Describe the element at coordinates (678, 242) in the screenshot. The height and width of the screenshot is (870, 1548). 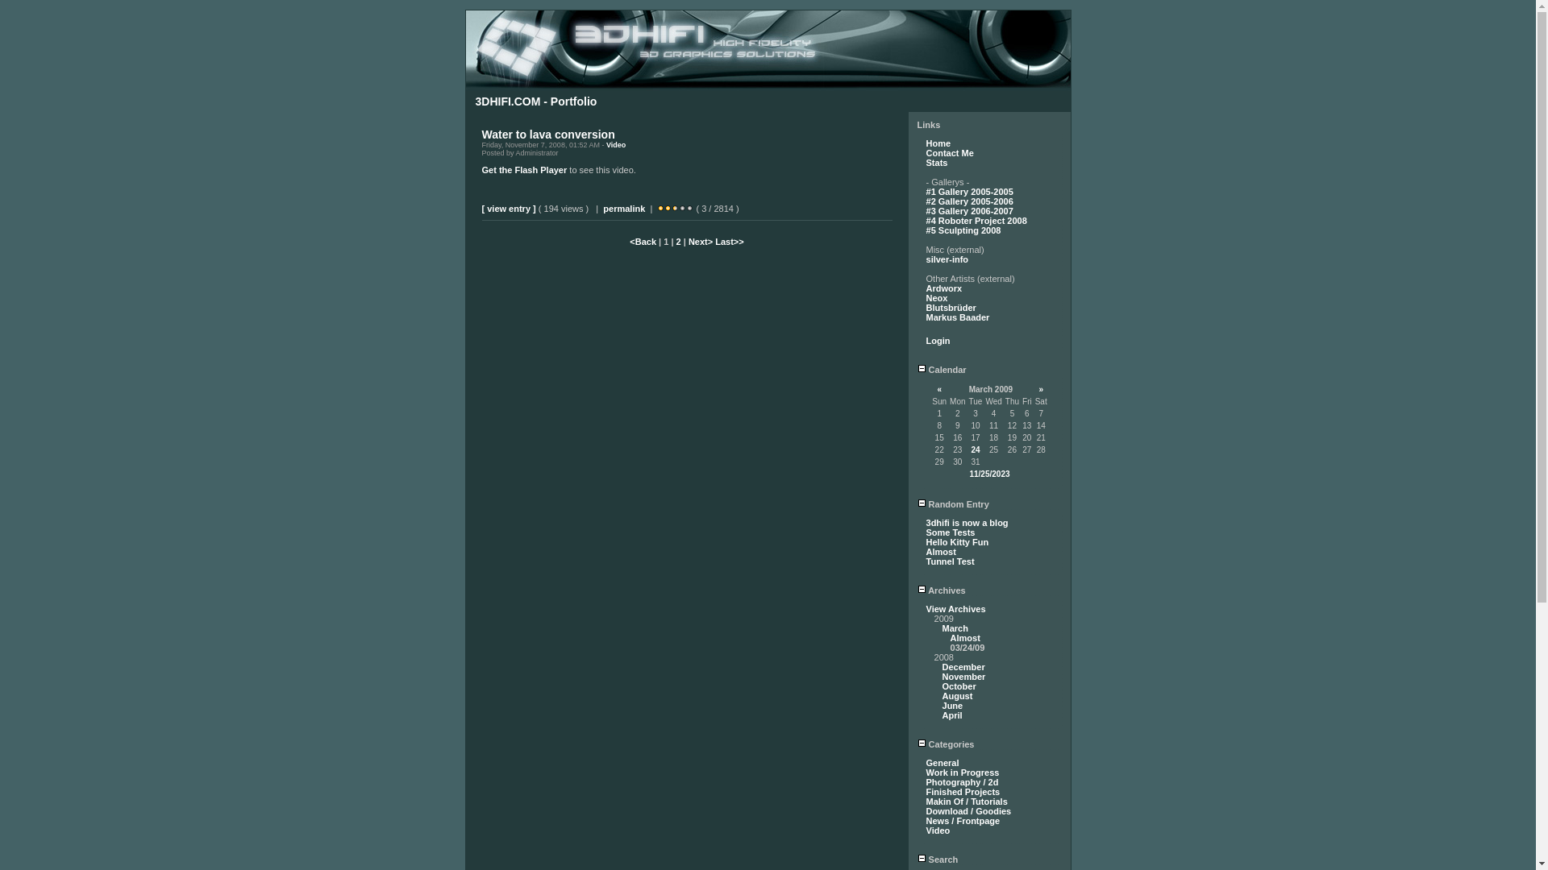
I see `'2'` at that location.